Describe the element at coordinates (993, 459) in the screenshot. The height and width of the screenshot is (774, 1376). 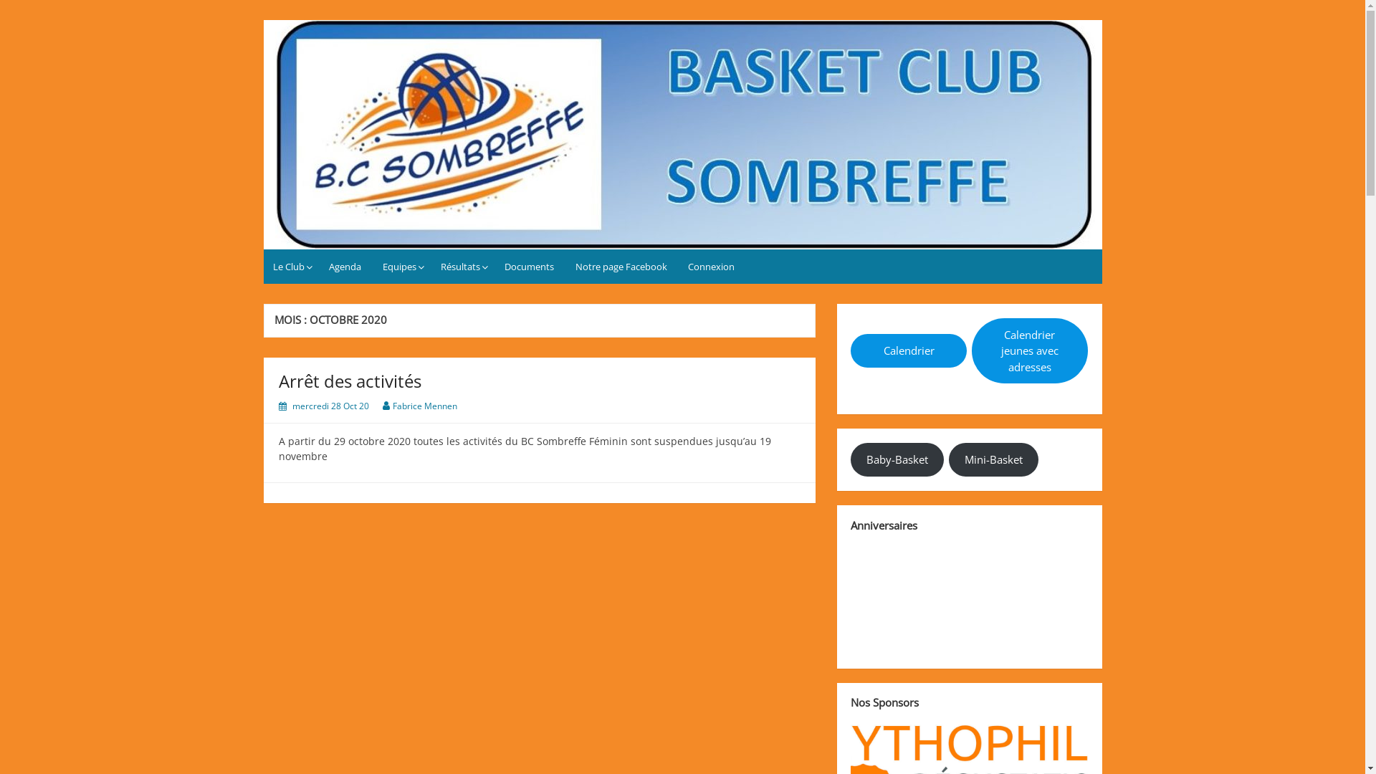
I see `'Mini-Basket'` at that location.